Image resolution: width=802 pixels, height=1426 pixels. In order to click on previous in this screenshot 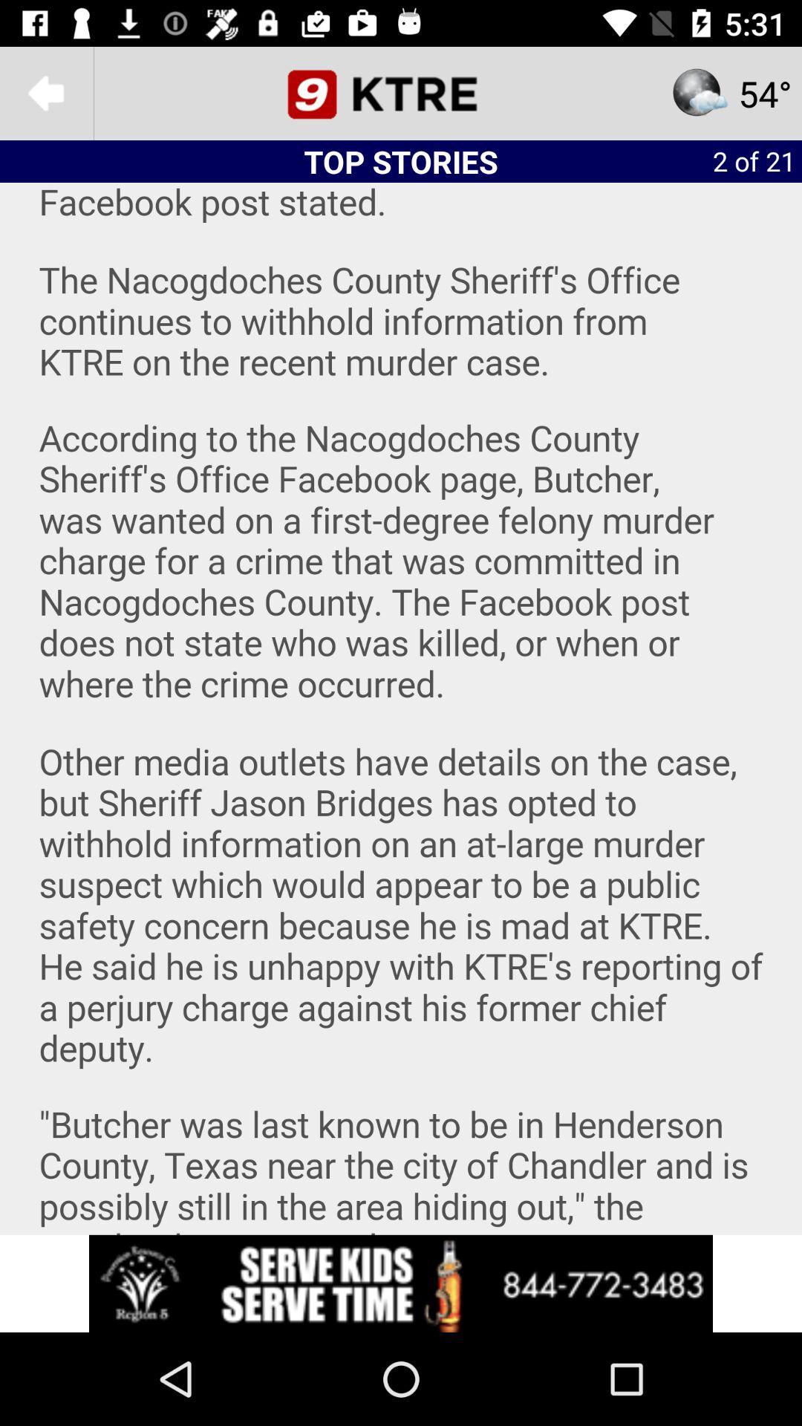, I will do `click(45, 92)`.